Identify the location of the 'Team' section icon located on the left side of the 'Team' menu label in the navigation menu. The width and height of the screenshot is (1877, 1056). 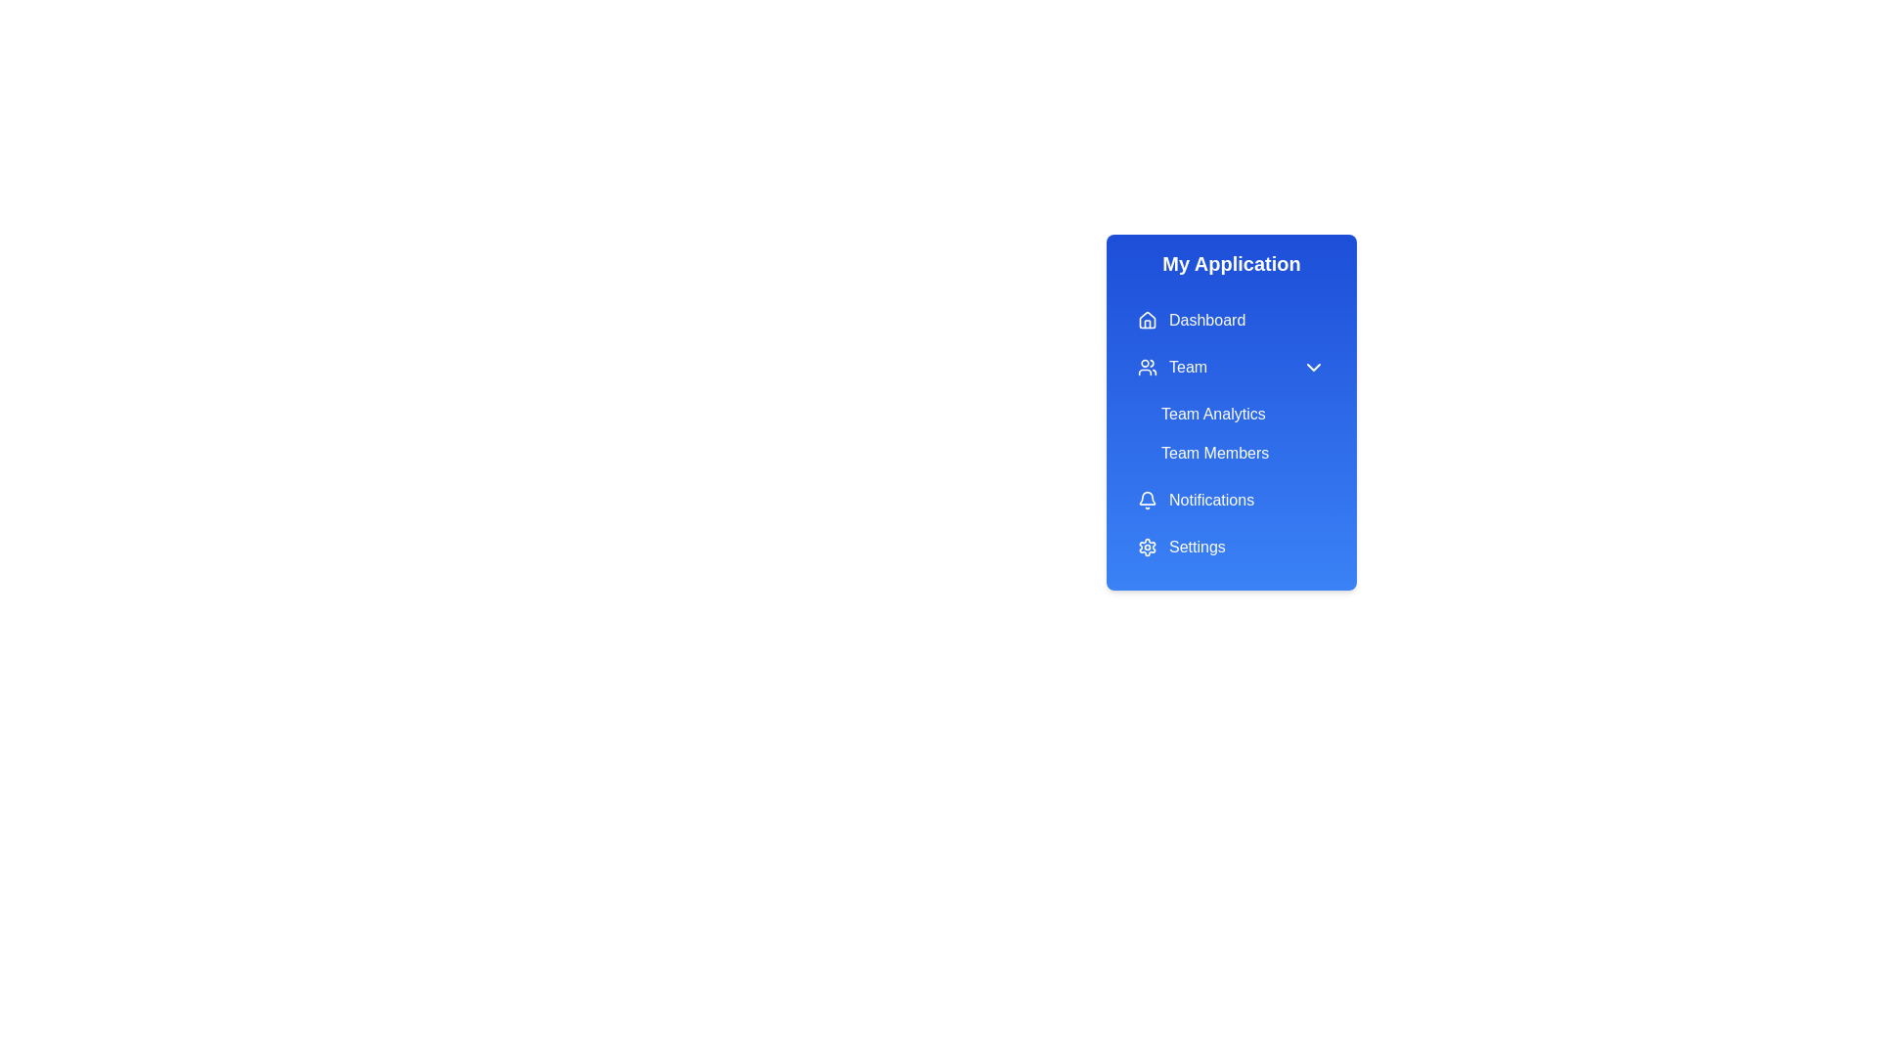
(1148, 367).